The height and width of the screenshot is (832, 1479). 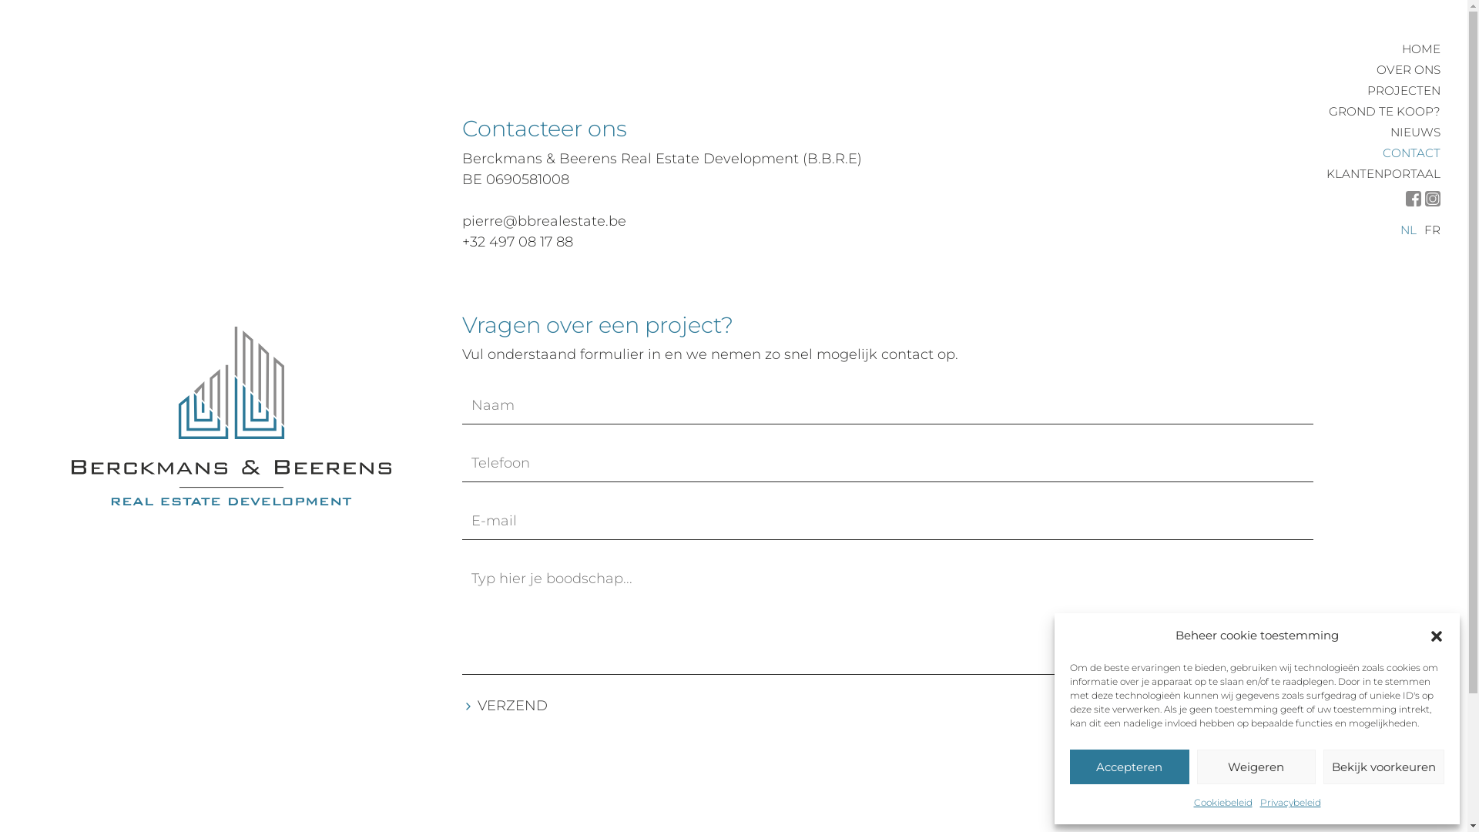 I want to click on 'CONTACT', so click(x=1411, y=153).